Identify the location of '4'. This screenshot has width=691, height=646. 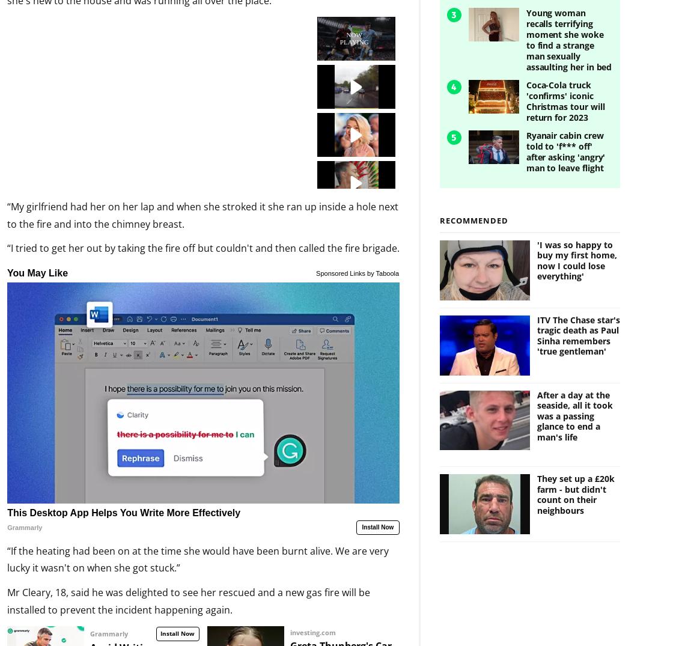
(453, 66).